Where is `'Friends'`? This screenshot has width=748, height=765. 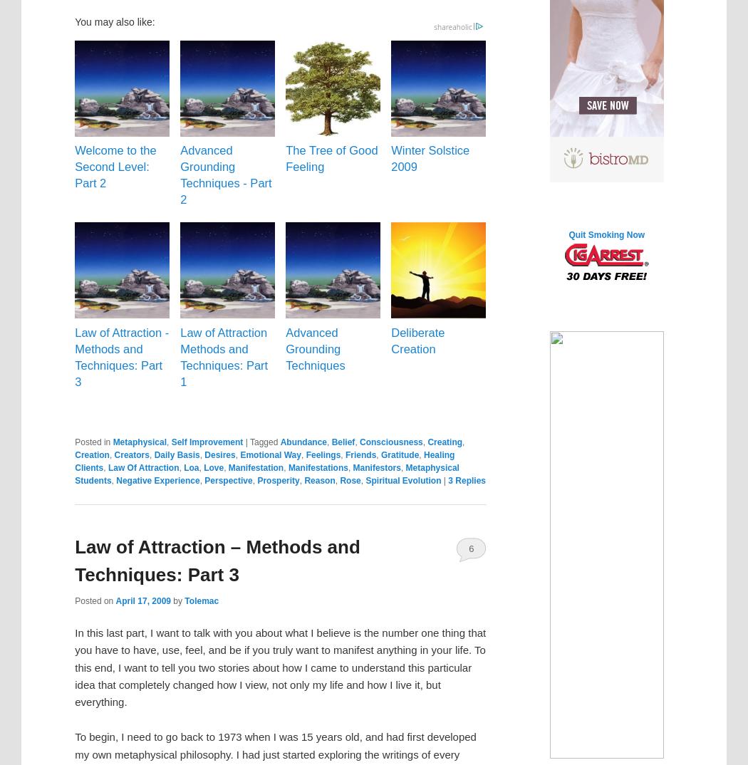
'Friends' is located at coordinates (360, 455).